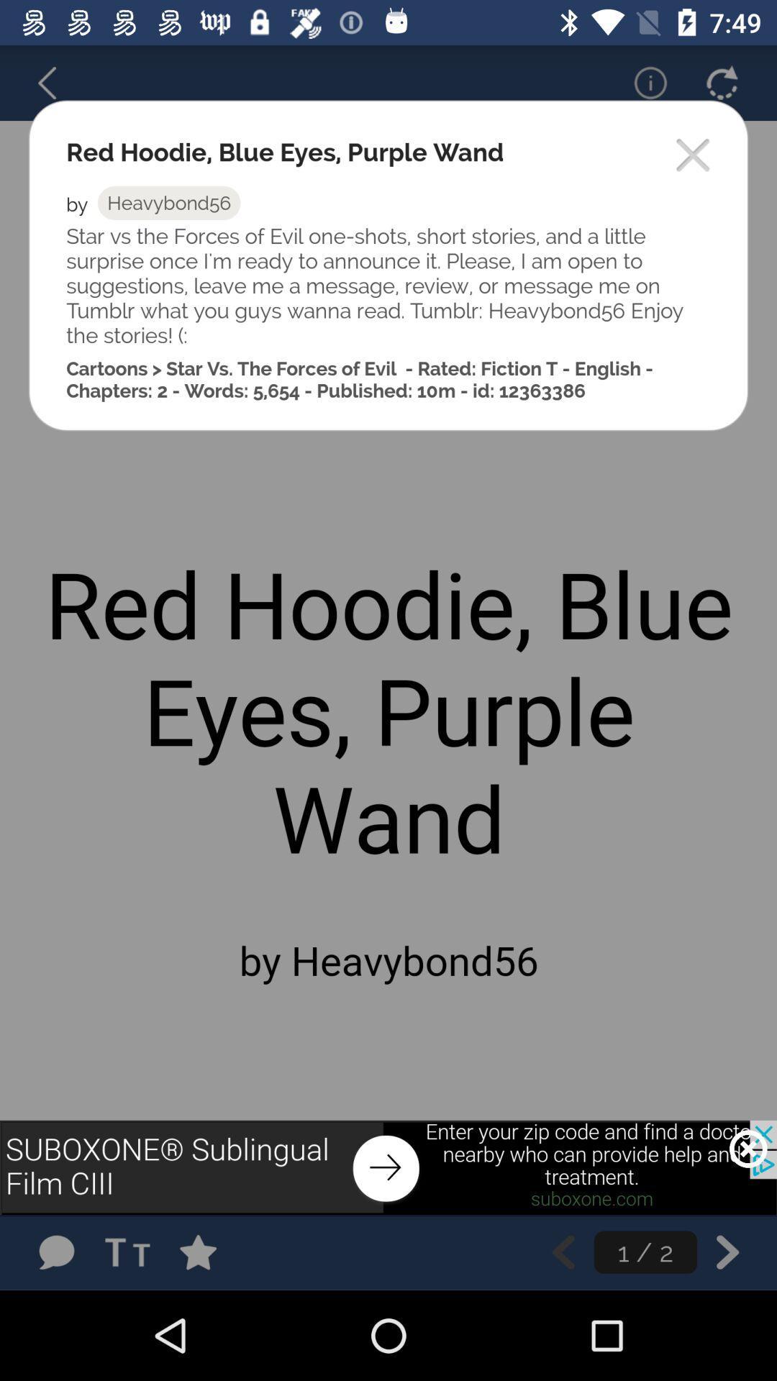 Image resolution: width=777 pixels, height=1381 pixels. Describe the element at coordinates (748, 1148) in the screenshot. I see `x out` at that location.